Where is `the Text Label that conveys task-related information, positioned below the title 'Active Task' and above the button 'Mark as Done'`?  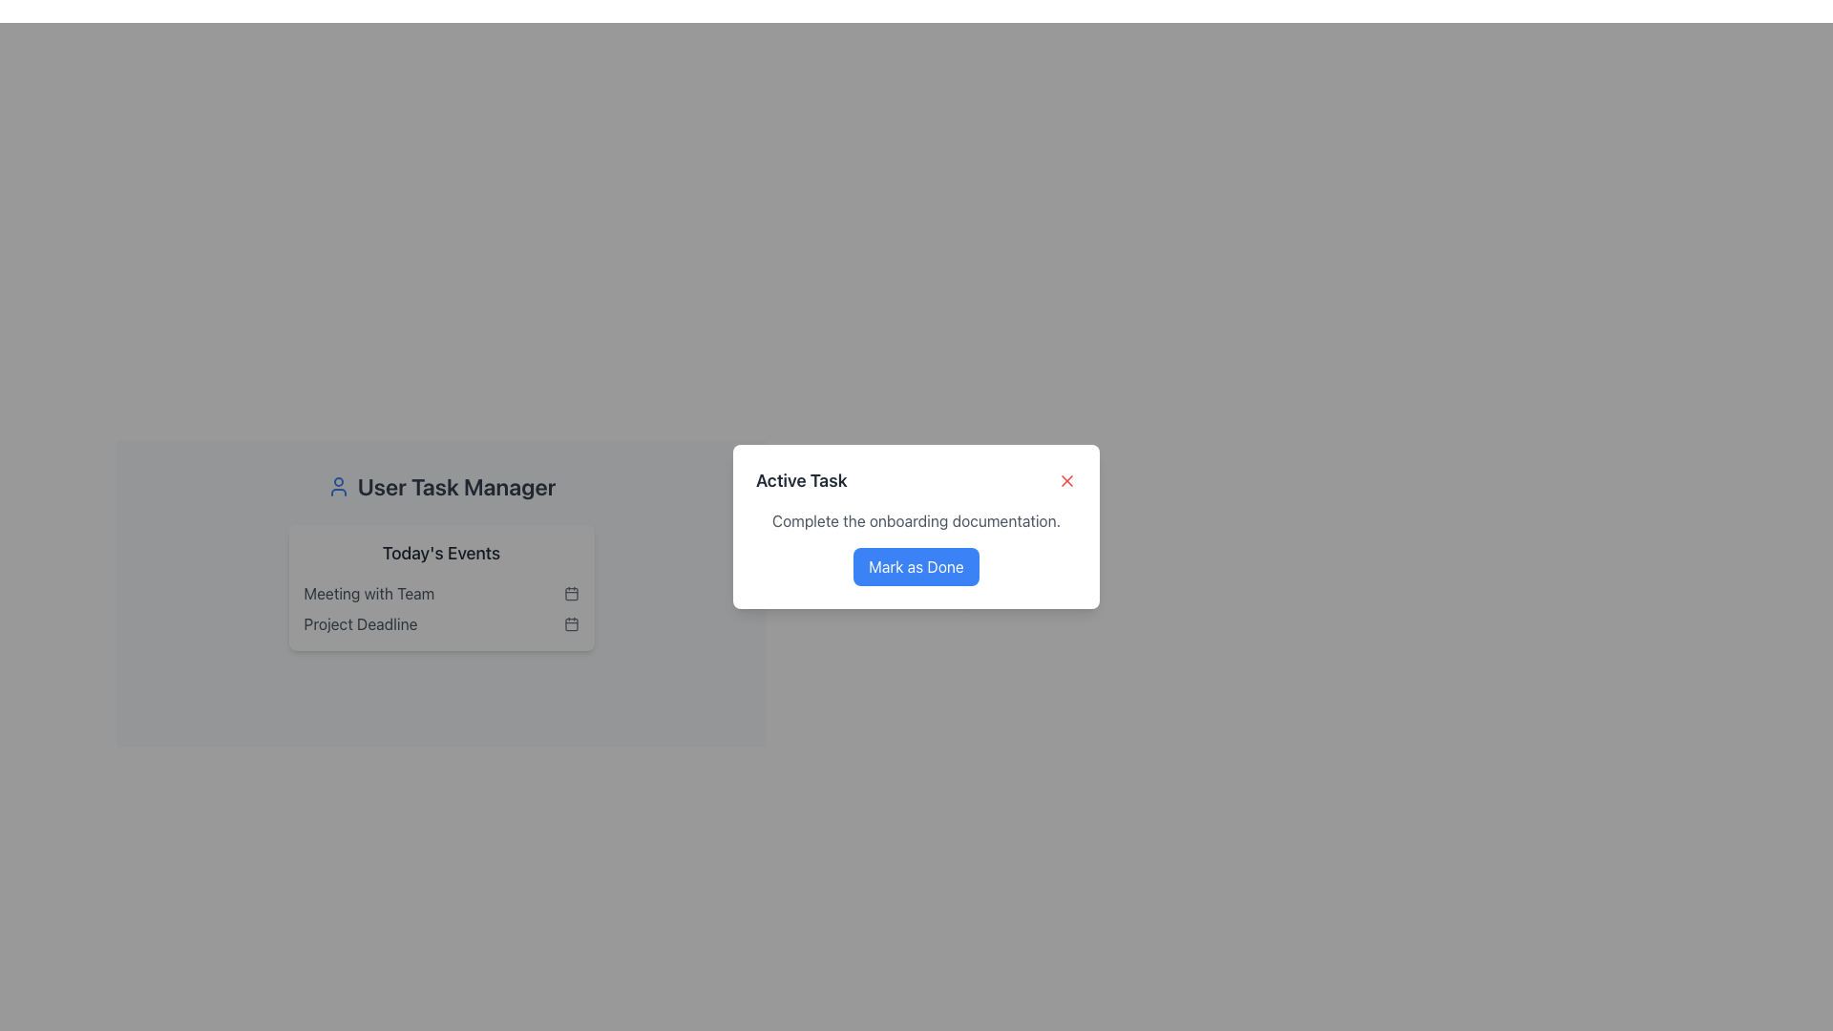
the Text Label that conveys task-related information, positioned below the title 'Active Task' and above the button 'Mark as Done' is located at coordinates (916, 521).